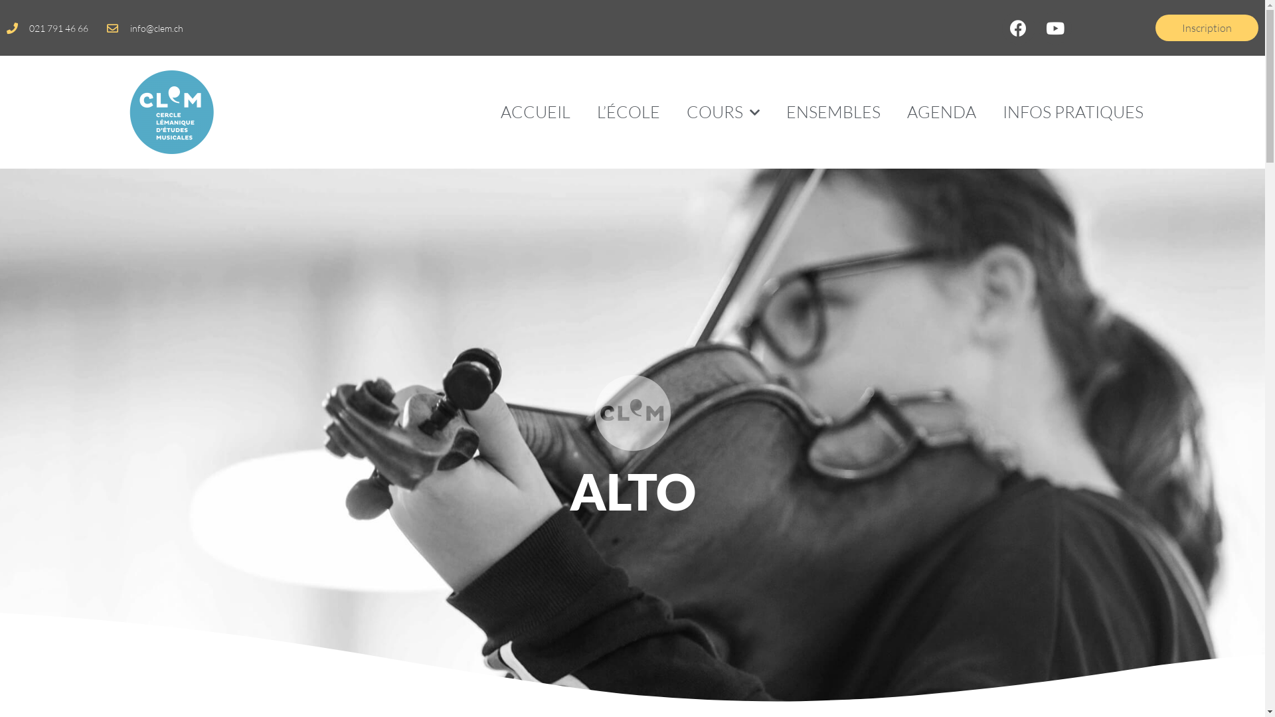  Describe the element at coordinates (47, 28) in the screenshot. I see `'021 791 46 66'` at that location.